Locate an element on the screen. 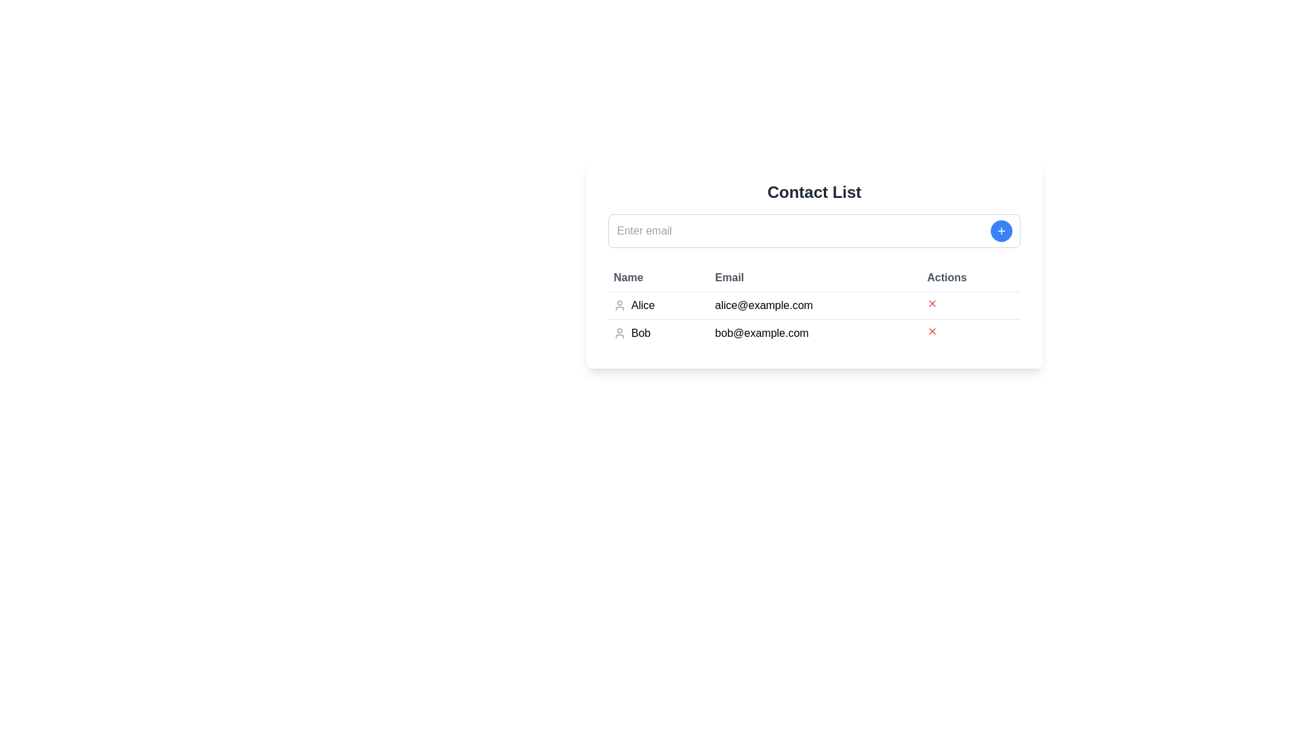  text content of the contact name label located in the second row of the contact list table, under the 'Name' column, adjacent to the profile icon is located at coordinates (640, 333).